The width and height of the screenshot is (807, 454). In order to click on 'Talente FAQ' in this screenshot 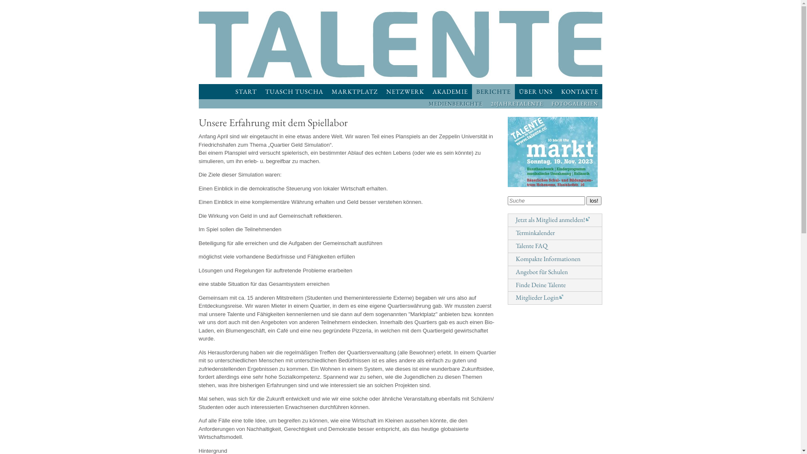, I will do `click(528, 245)`.